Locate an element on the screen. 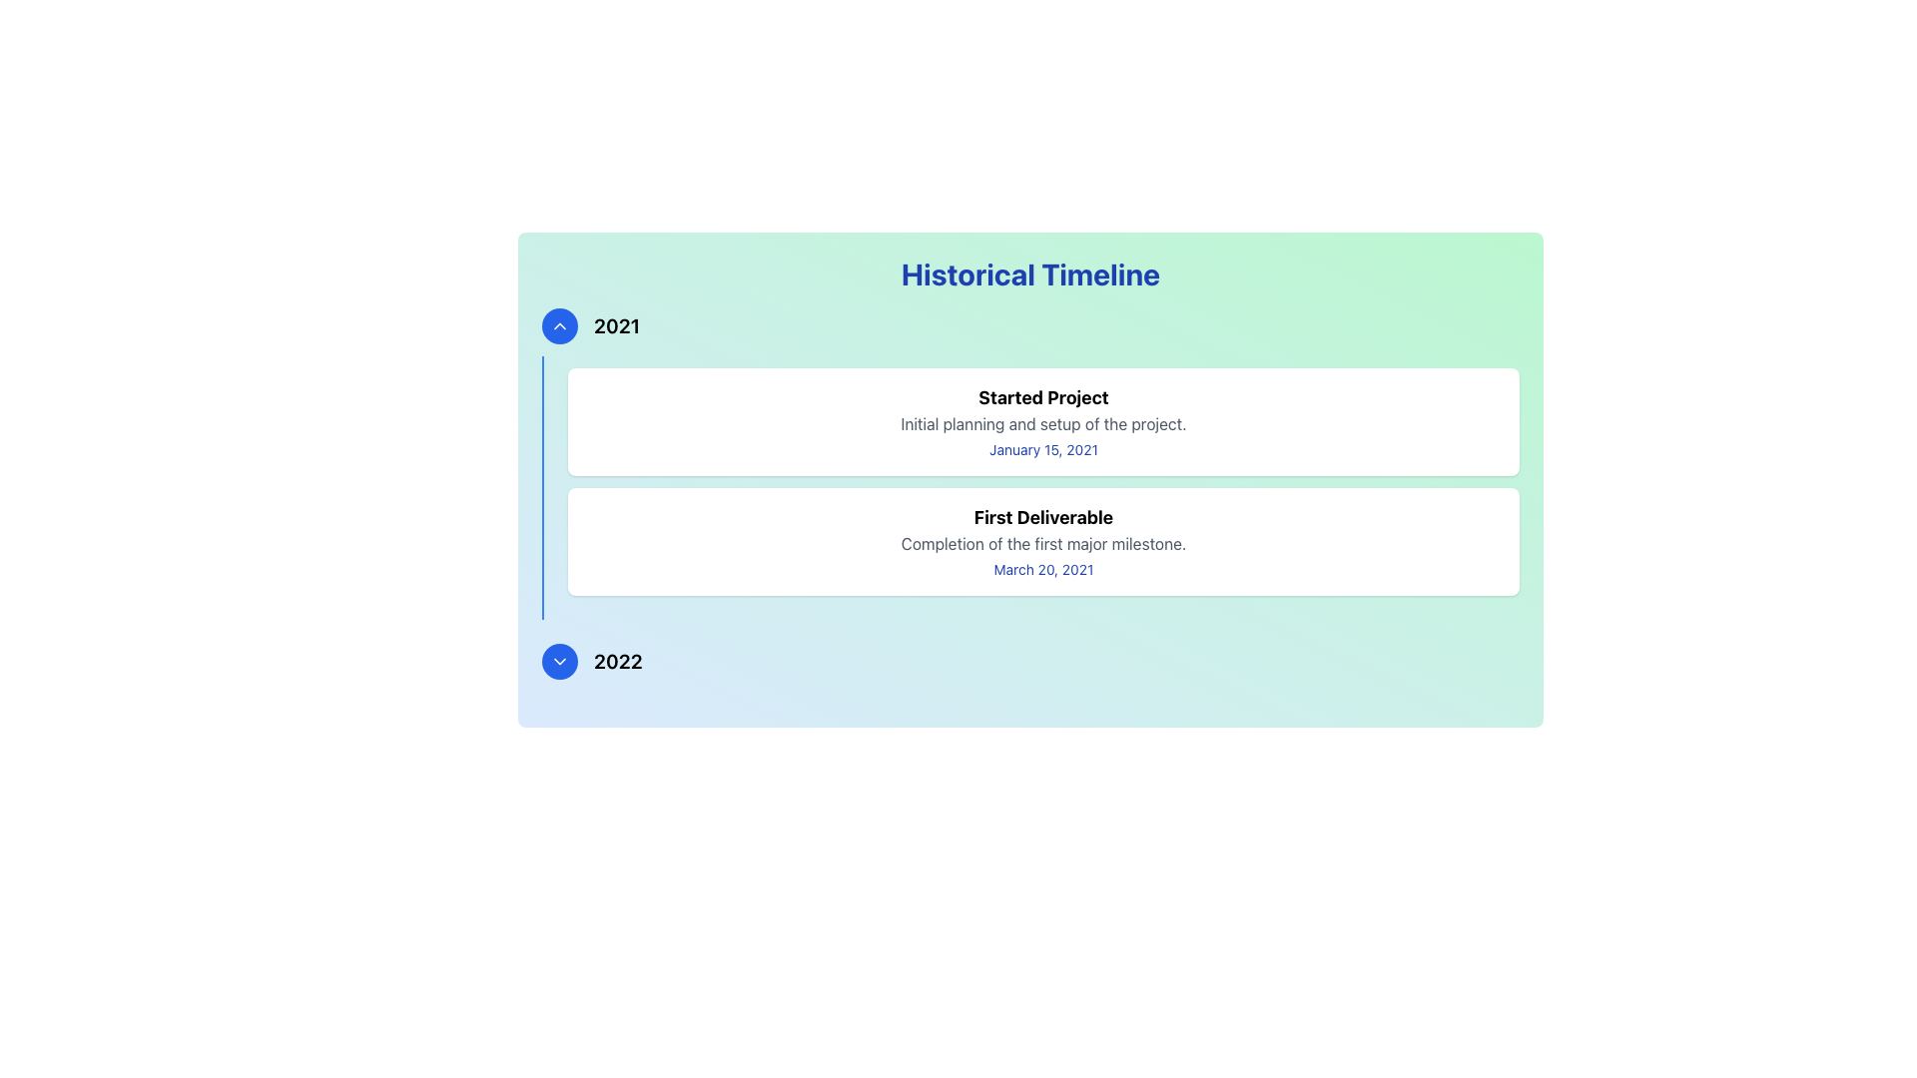 This screenshot has width=1917, height=1078. the static text element that displays the completion date of the 'First Deliverable' milestone, positioned under the text 'Completion of the first major milestone.' is located at coordinates (1042, 569).